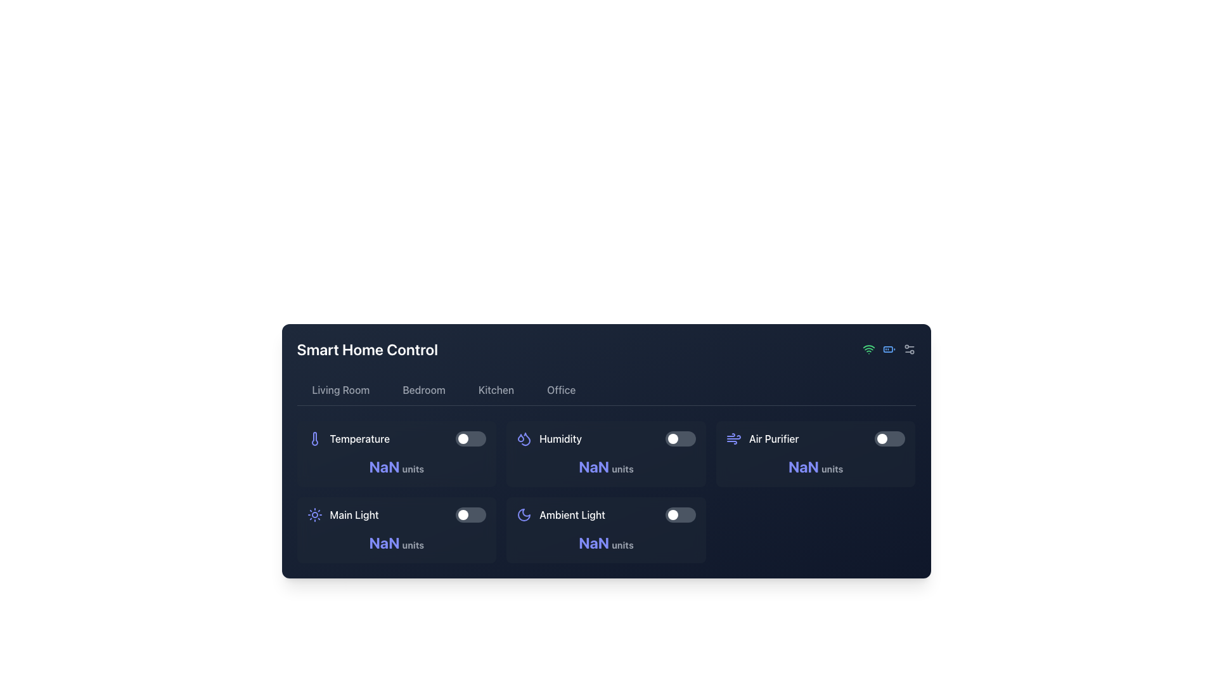 The image size is (1217, 685). What do you see at coordinates (816, 467) in the screenshot?
I see `the text display showing 'NaN units', which is located below the title 'Air Purifier' and next to the toggle switch` at bounding box center [816, 467].